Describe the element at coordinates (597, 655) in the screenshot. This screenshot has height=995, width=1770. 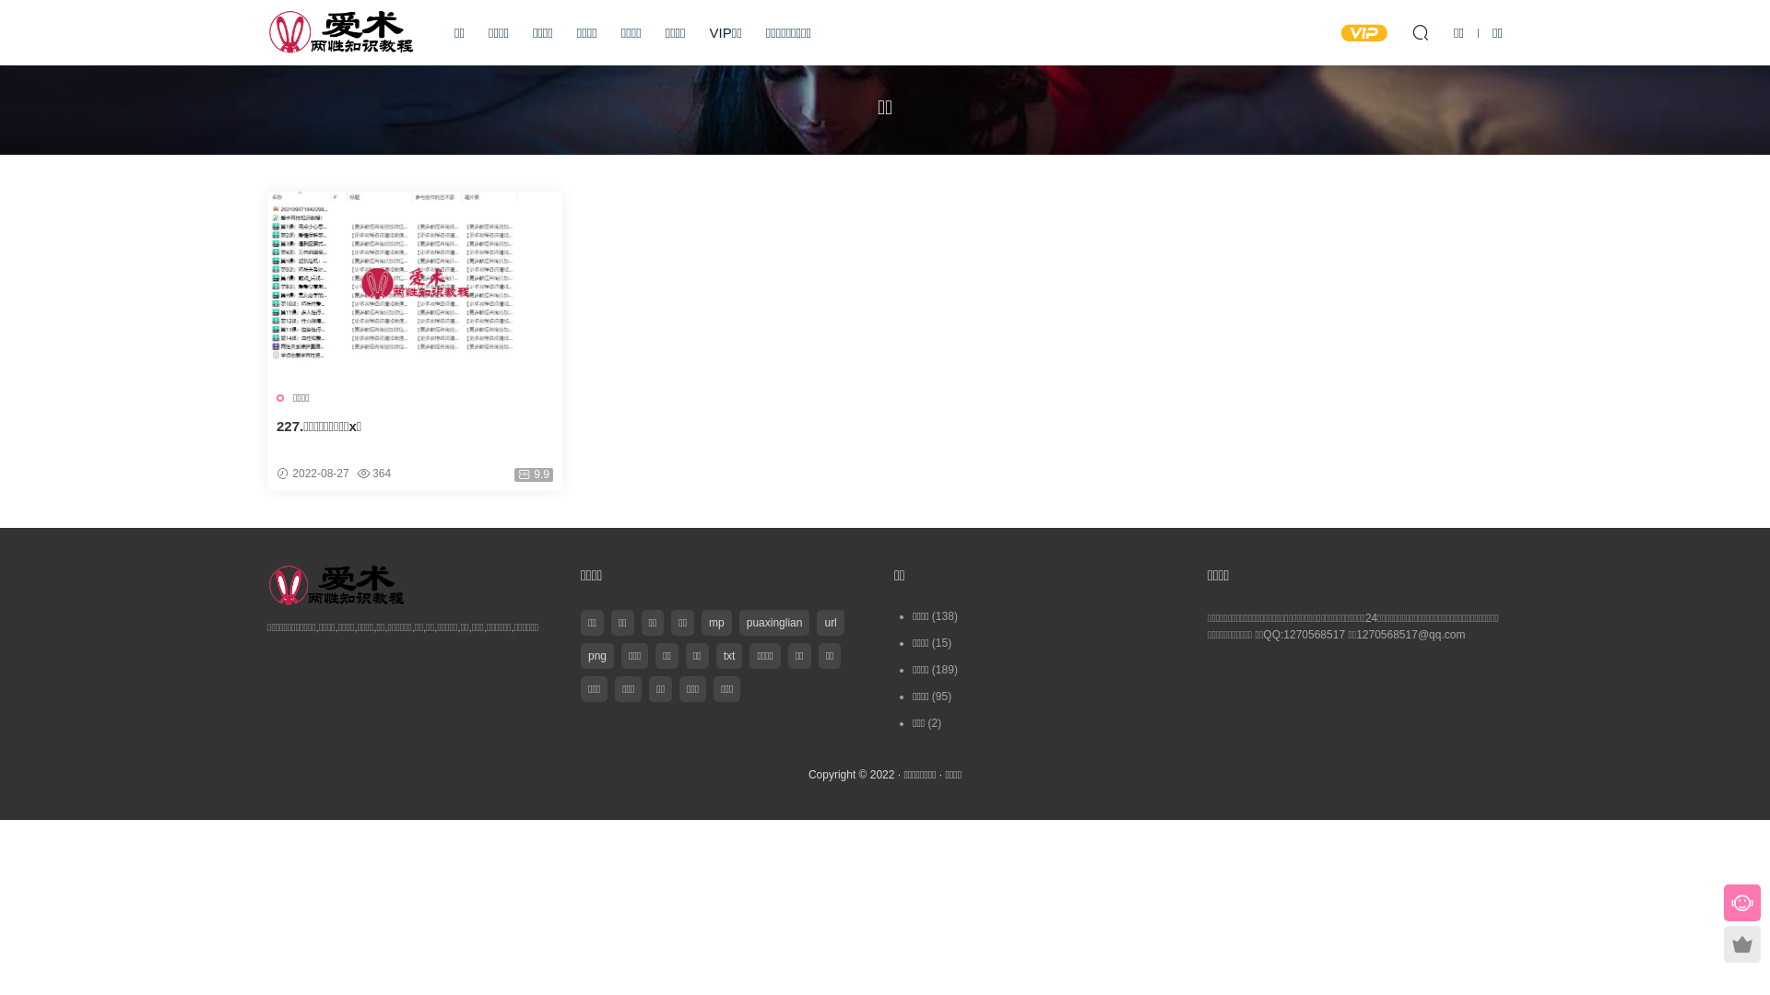
I see `'png'` at that location.